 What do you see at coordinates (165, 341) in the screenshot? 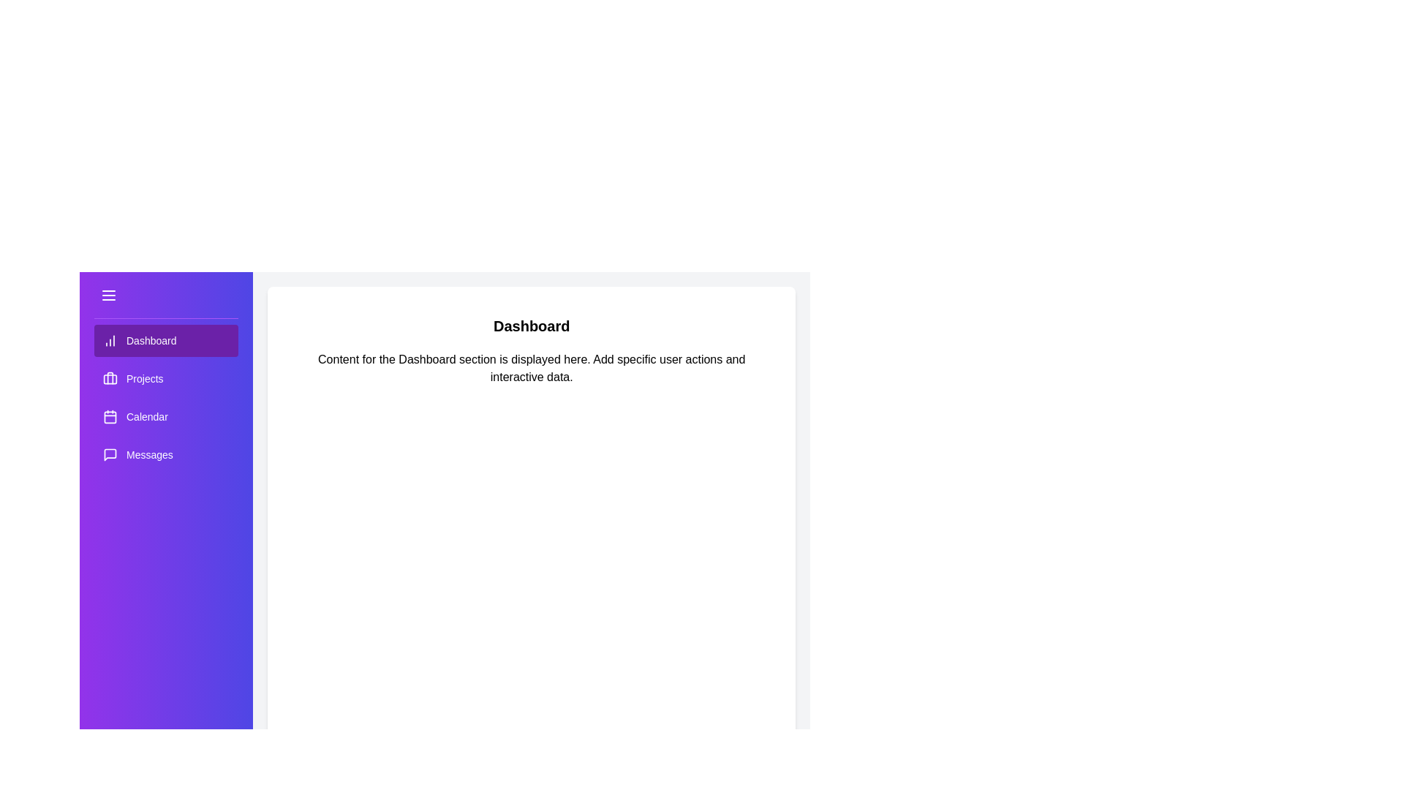
I see `the menu item Dashboard to highlight it` at bounding box center [165, 341].